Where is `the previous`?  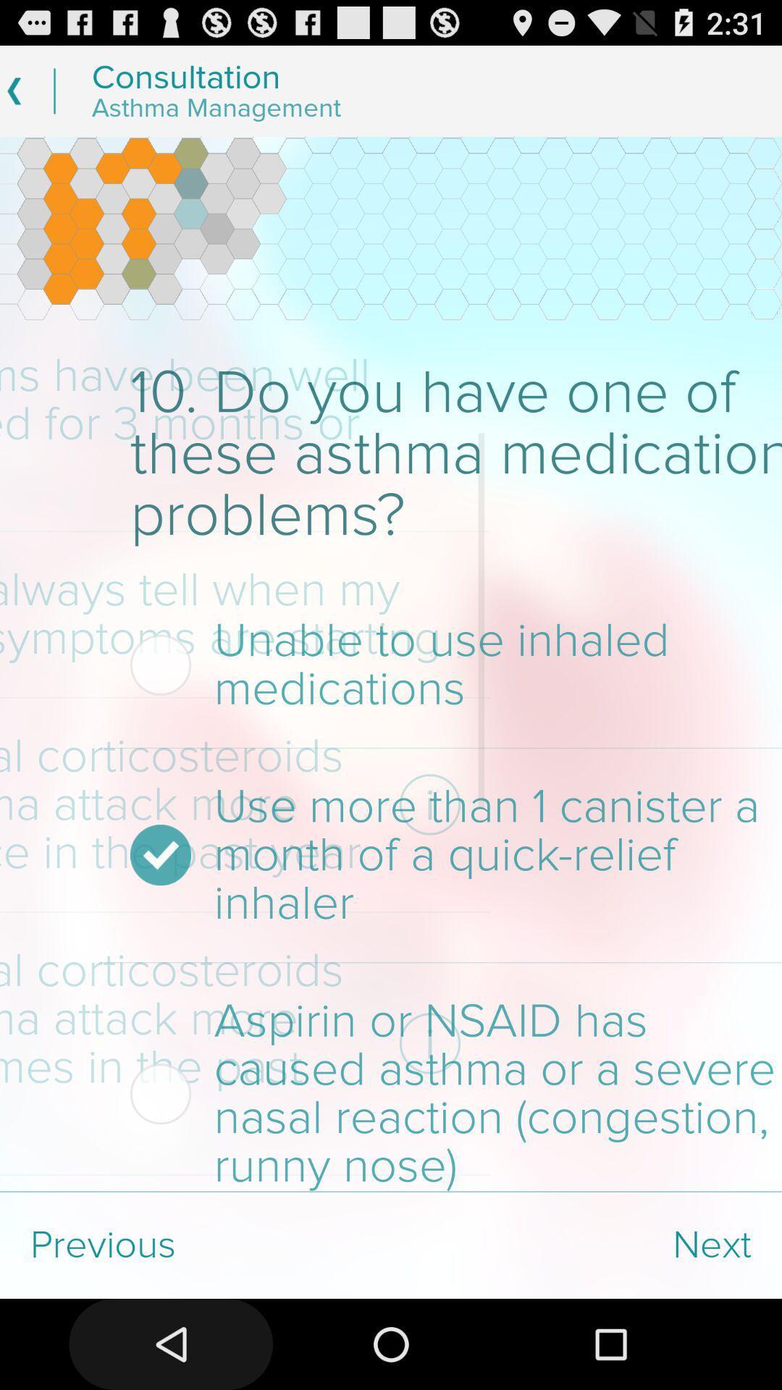 the previous is located at coordinates (195, 1244).